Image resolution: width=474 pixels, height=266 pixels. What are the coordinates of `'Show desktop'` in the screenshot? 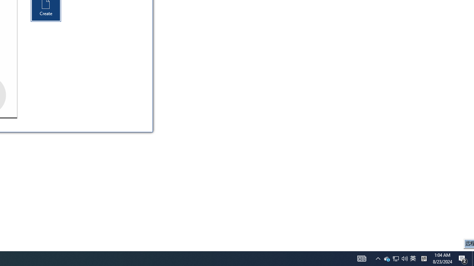 It's located at (473, 258).